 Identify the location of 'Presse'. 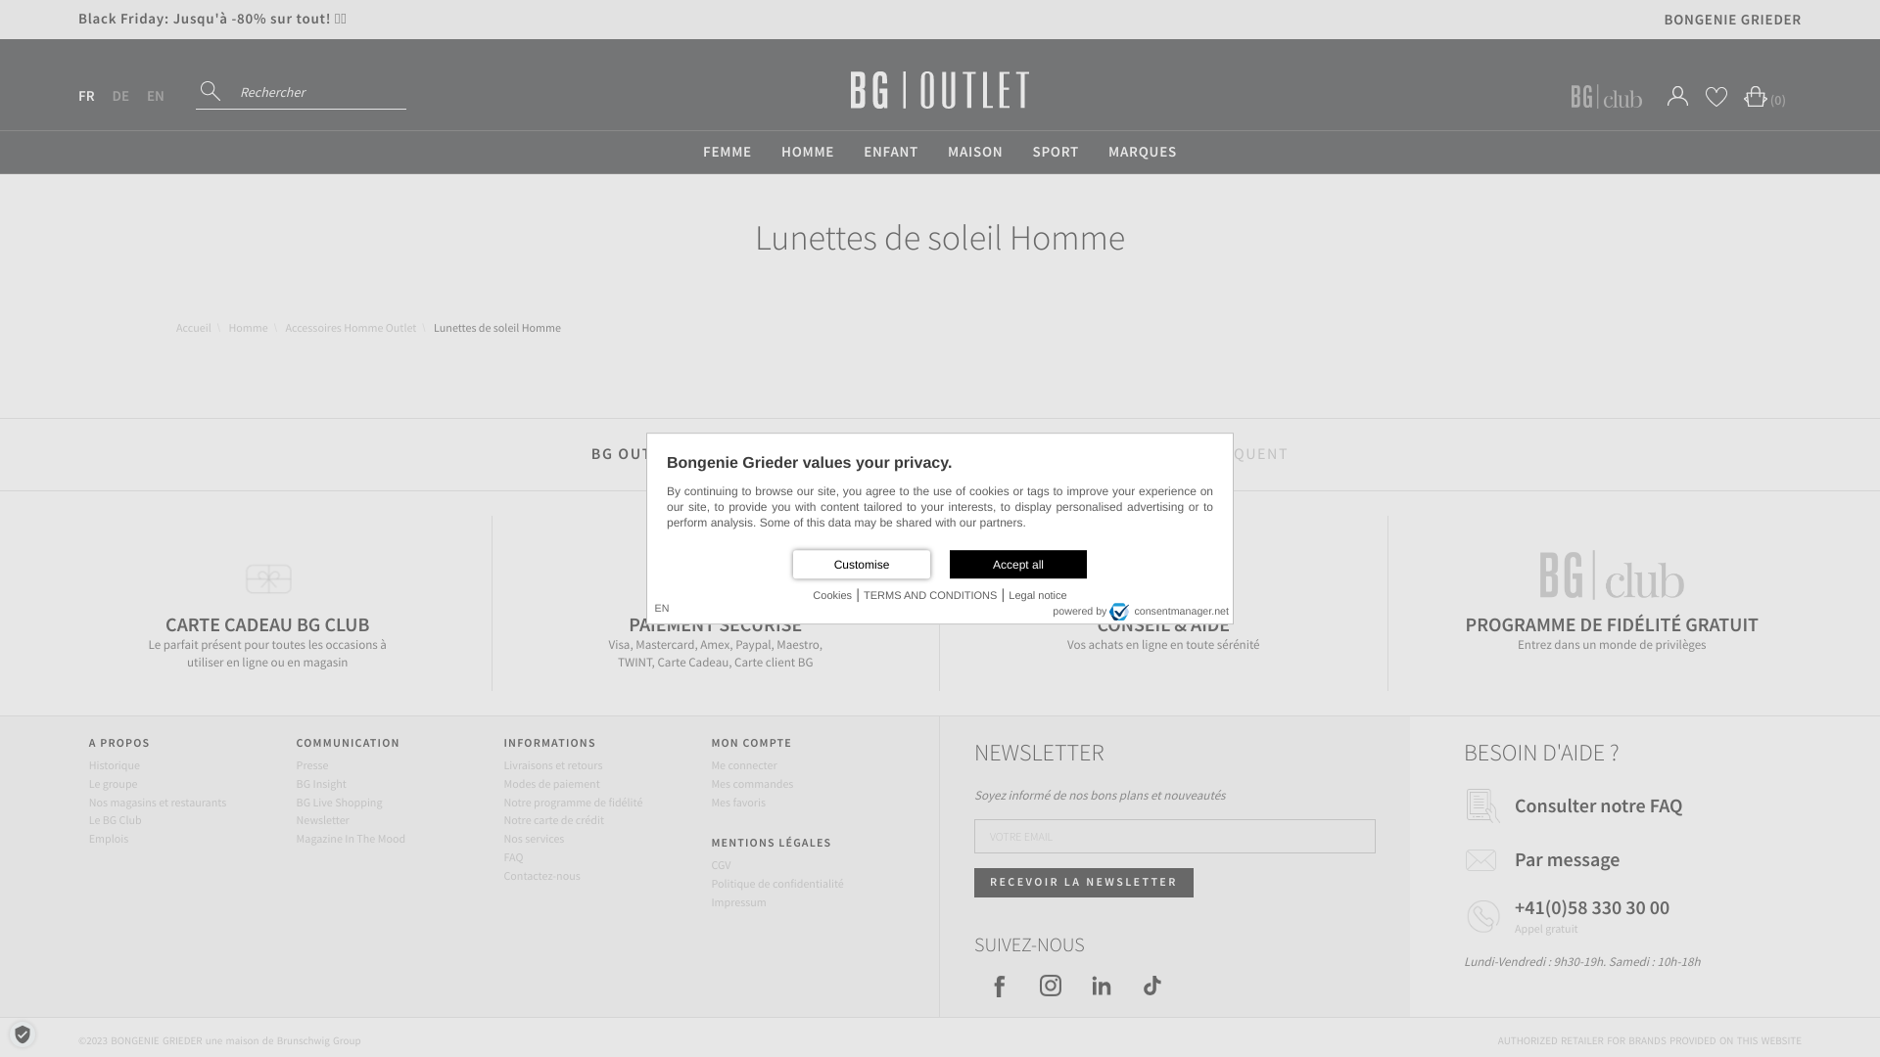
(295, 764).